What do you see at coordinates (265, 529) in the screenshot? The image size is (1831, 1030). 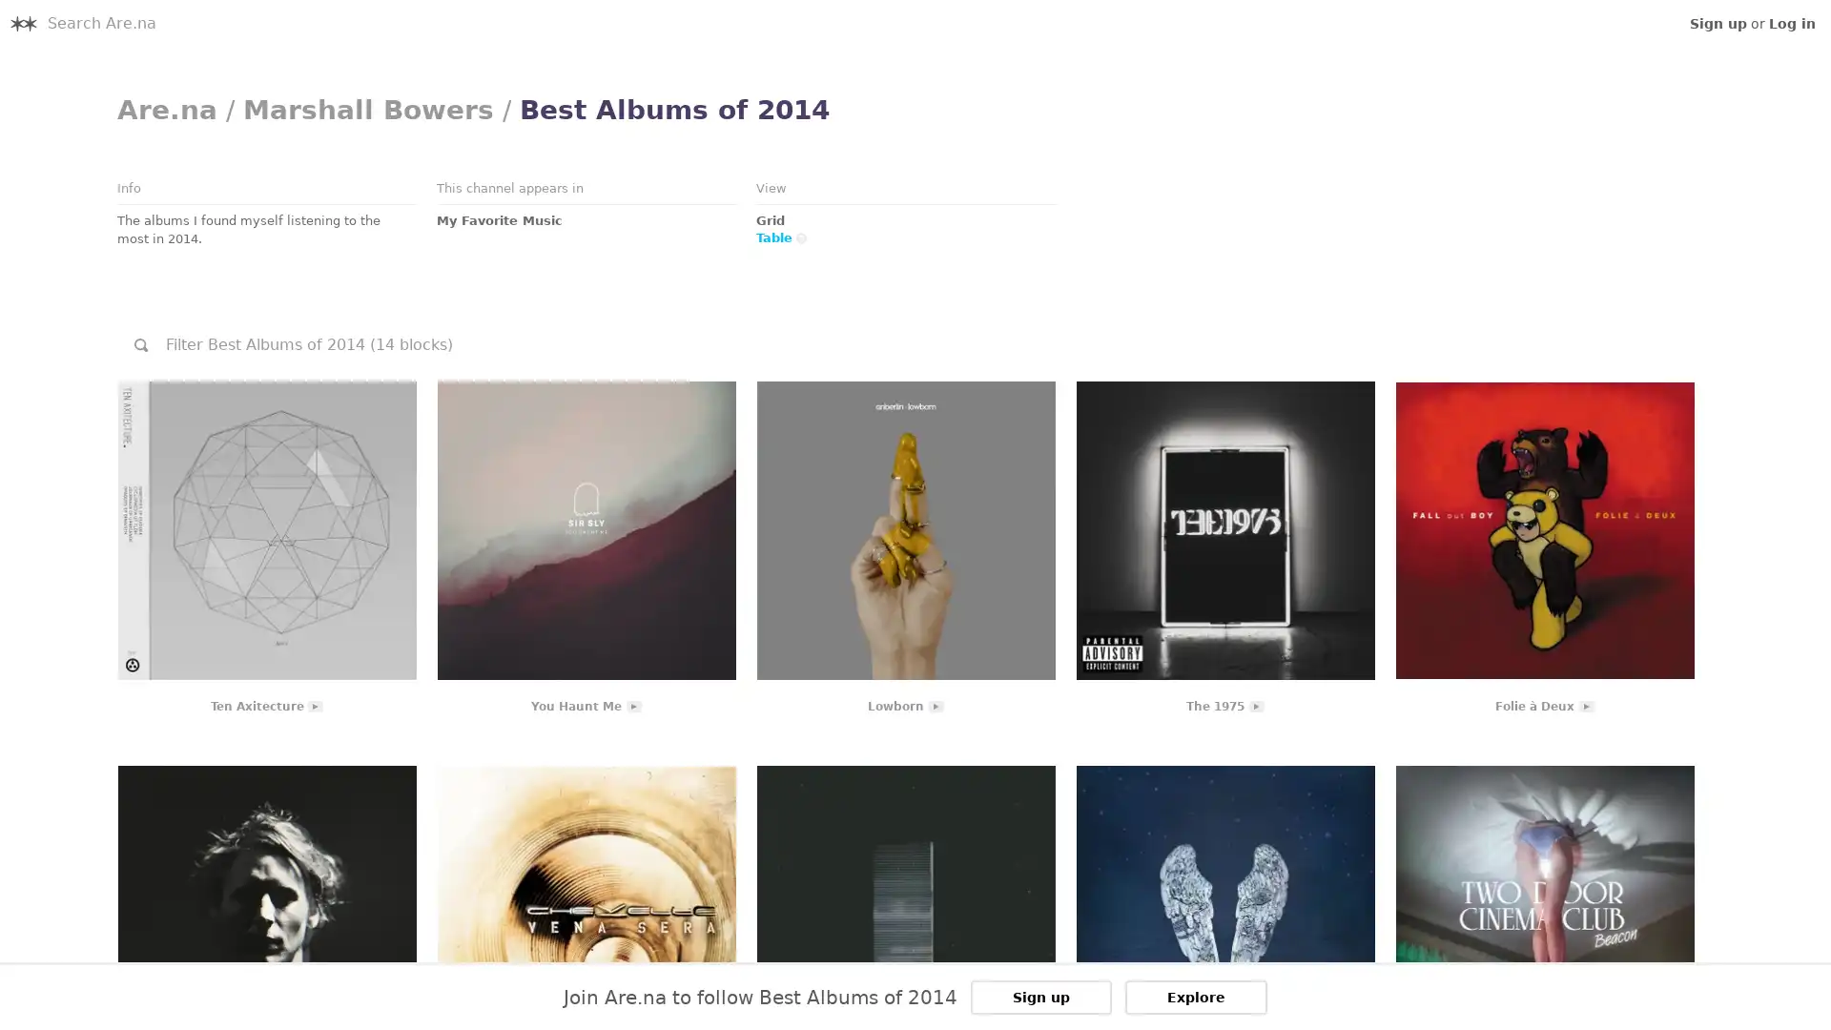 I see `Link to Embed: Ten Axitecture` at bounding box center [265, 529].